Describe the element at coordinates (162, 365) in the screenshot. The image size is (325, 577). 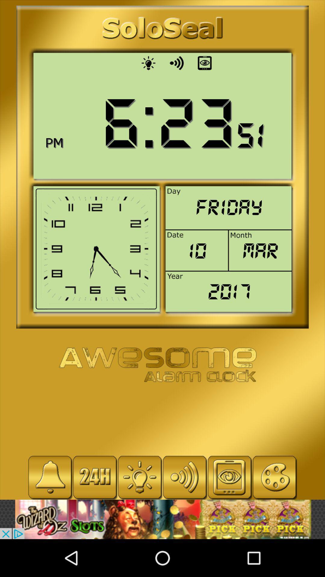
I see `the text which is below the clock` at that location.